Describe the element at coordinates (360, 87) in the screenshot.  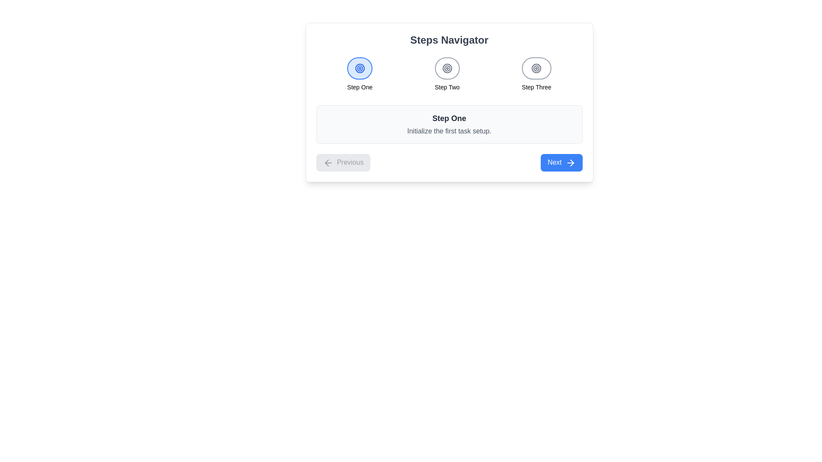
I see `the text content of the 'Step One' label element, which is a small, bold text displayed centered under the first circular icon in the navigation bar` at that location.